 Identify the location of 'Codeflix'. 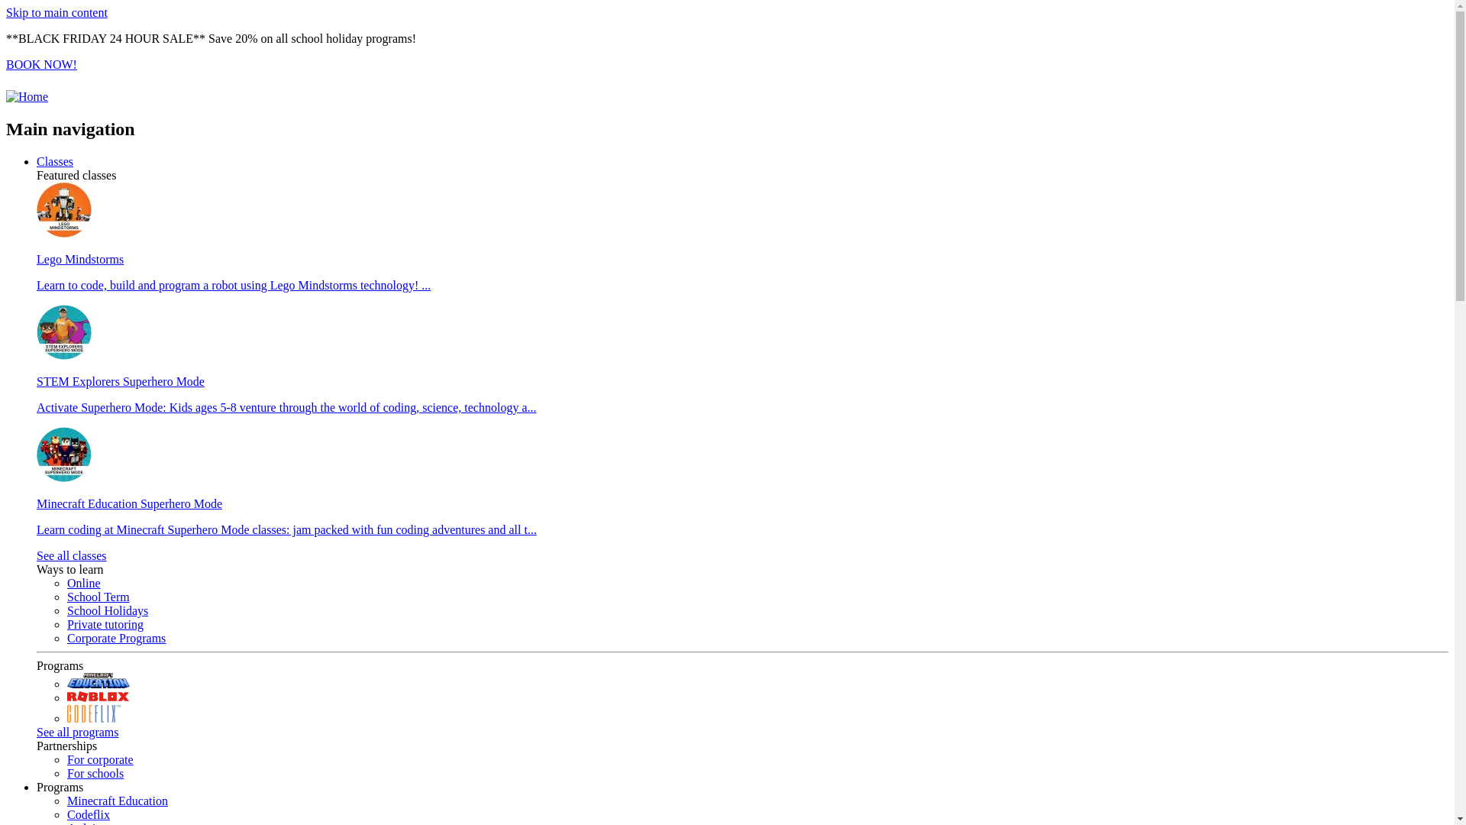
(87, 814).